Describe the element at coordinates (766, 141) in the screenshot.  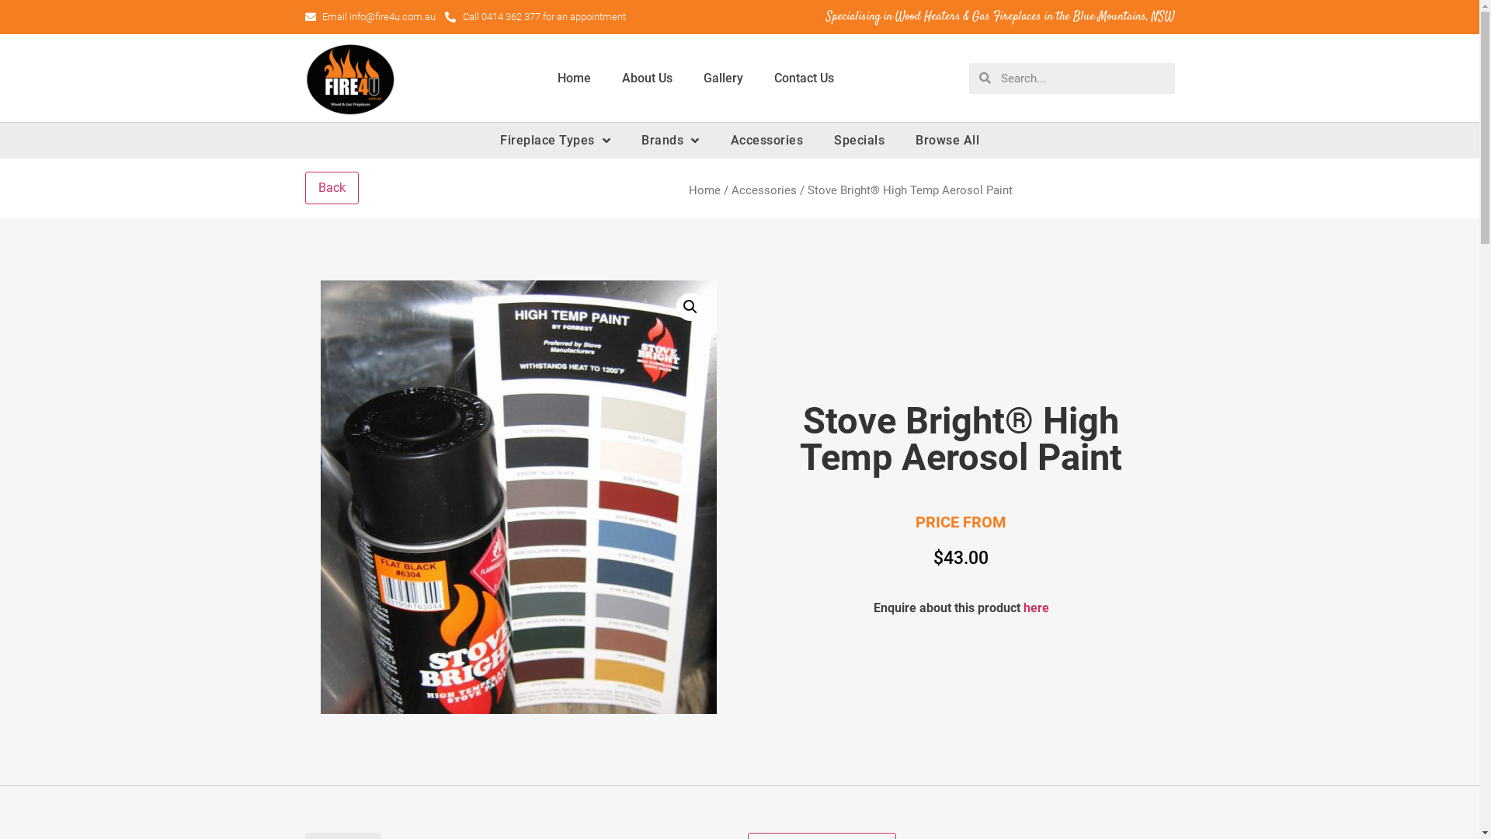
I see `'Accessories'` at that location.